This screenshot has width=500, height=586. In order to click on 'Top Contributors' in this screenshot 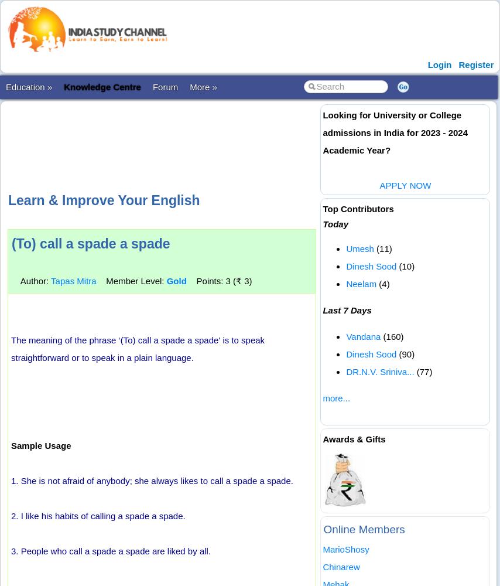, I will do `click(322, 208)`.